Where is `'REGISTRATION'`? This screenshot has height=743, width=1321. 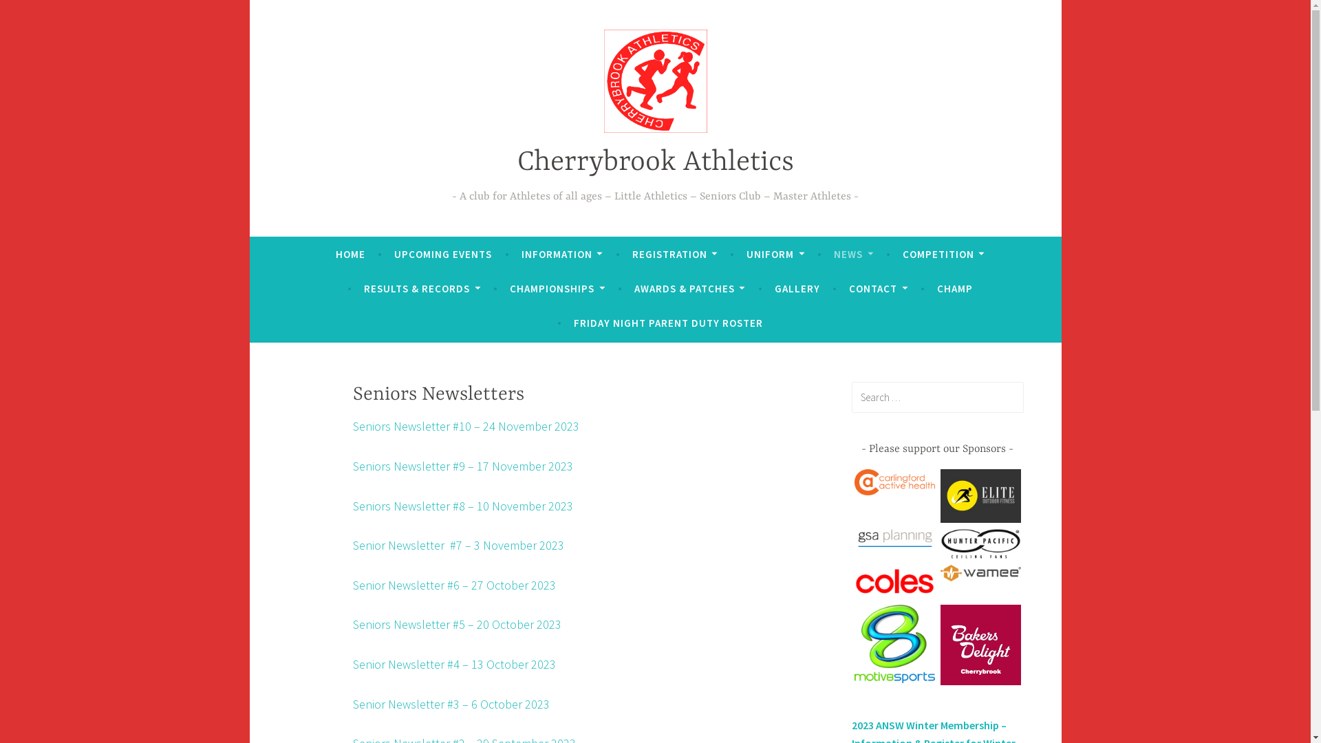 'REGISTRATION' is located at coordinates (631, 255).